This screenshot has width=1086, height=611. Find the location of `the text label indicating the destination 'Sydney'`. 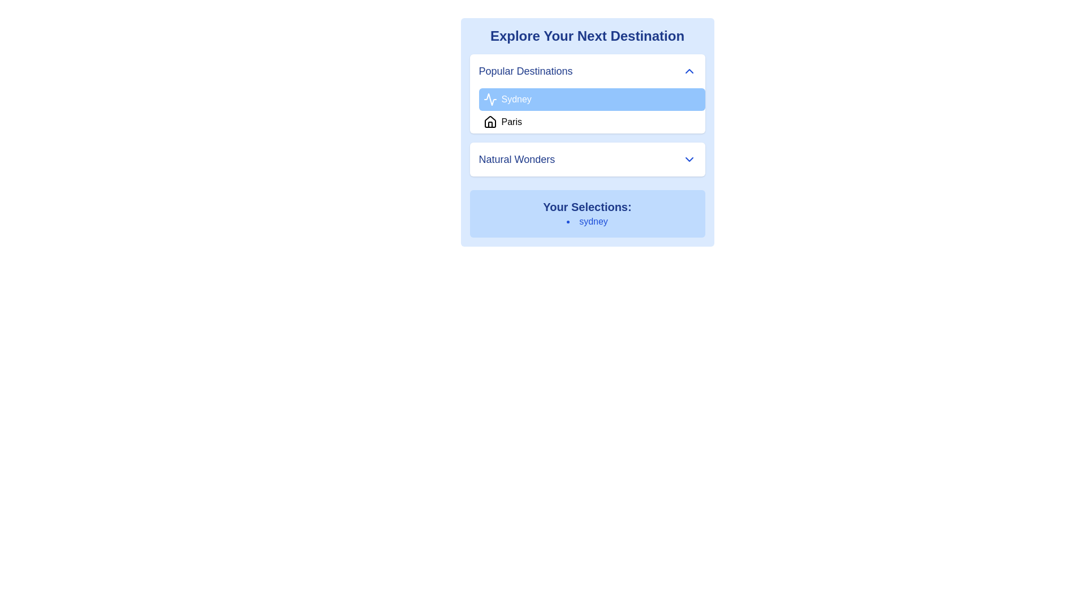

the text label indicating the destination 'Sydney' is located at coordinates (516, 99).